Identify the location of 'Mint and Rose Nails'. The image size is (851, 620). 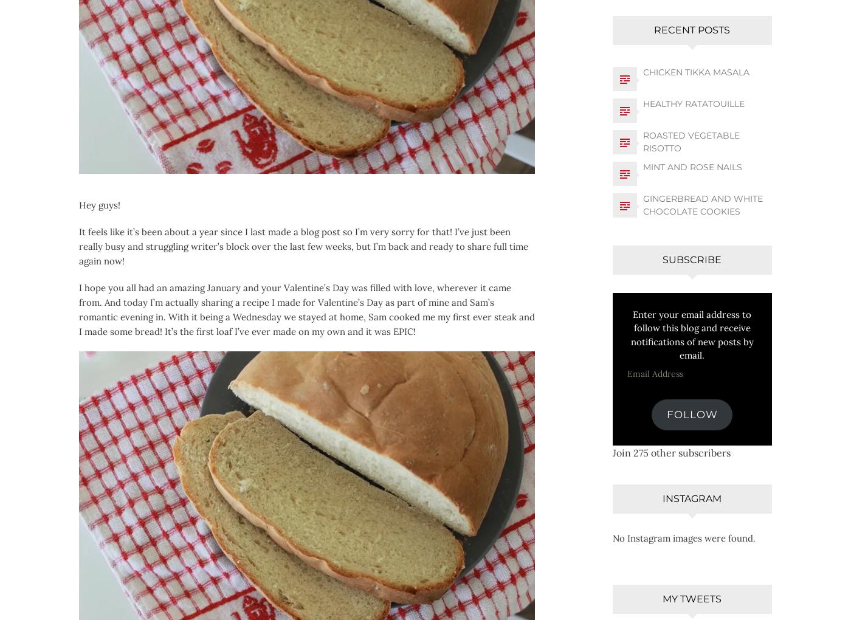
(692, 165).